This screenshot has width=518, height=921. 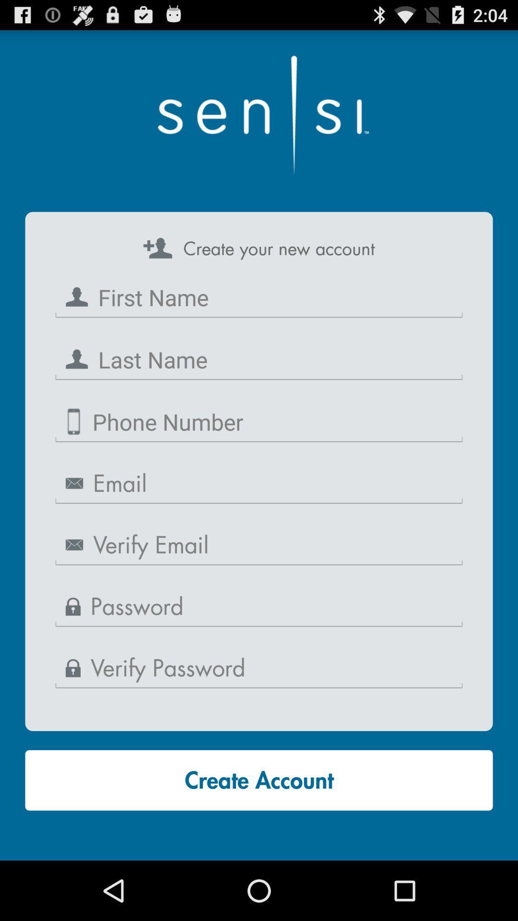 I want to click on verify email, so click(x=259, y=545).